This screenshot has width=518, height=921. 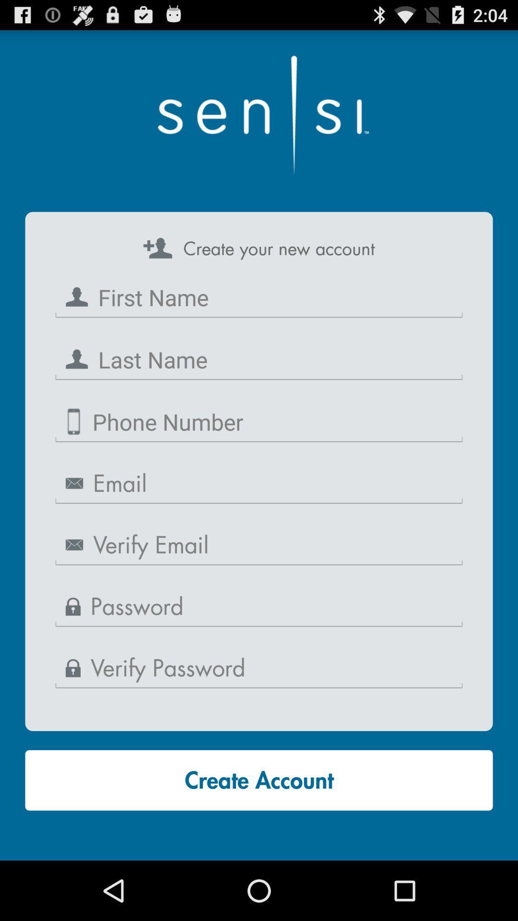 I want to click on verify email, so click(x=259, y=545).